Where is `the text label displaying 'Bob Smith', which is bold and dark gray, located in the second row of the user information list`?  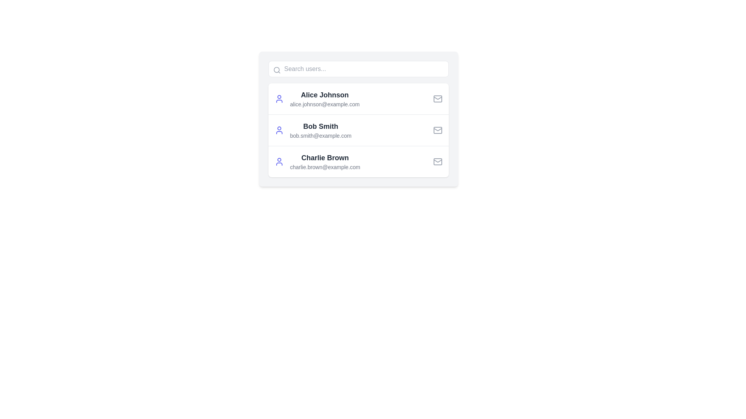 the text label displaying 'Bob Smith', which is bold and dark gray, located in the second row of the user information list is located at coordinates (321, 126).